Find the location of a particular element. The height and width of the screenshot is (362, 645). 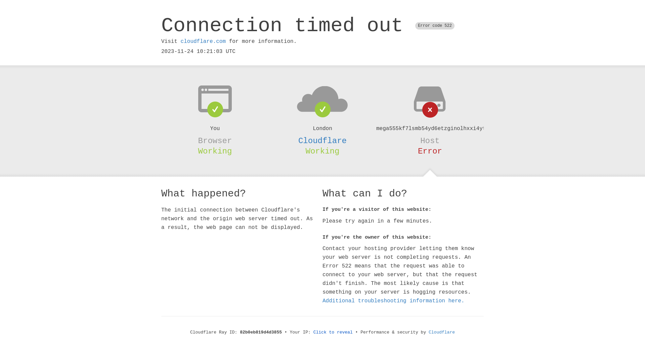

'Additional troubleshooting information here.' is located at coordinates (393, 301).